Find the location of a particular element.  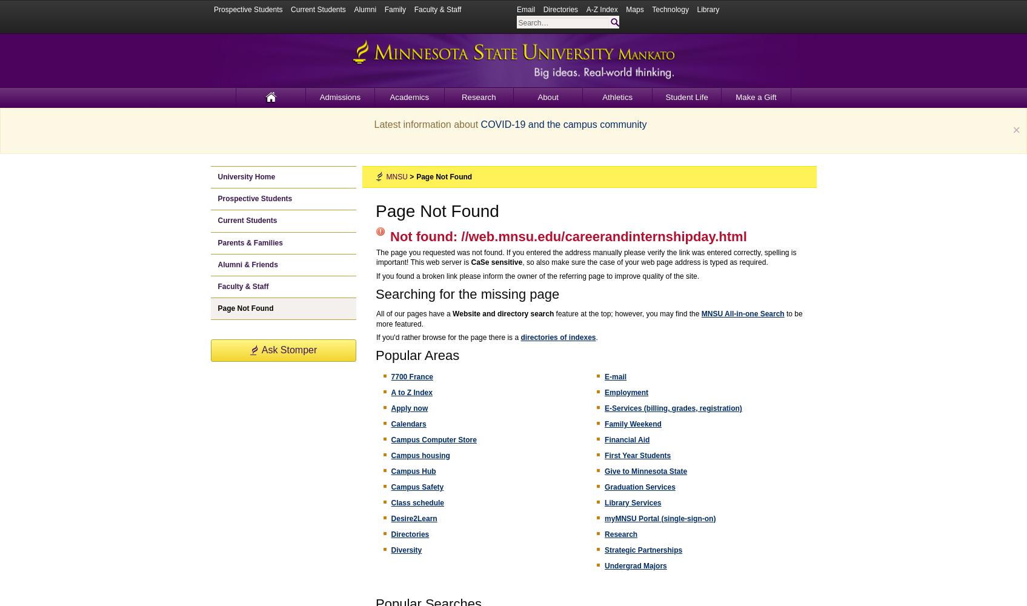

'Parents & Families' is located at coordinates (250, 242).